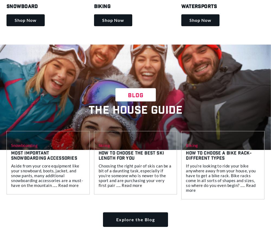  Describe the element at coordinates (134, 175) in the screenshot. I see `'Choosing the right pair of skis can be a bit of a daunting task, especially if you’re someone who is newer to the sport and are purchasing your very first pair ..... Read more'` at that location.